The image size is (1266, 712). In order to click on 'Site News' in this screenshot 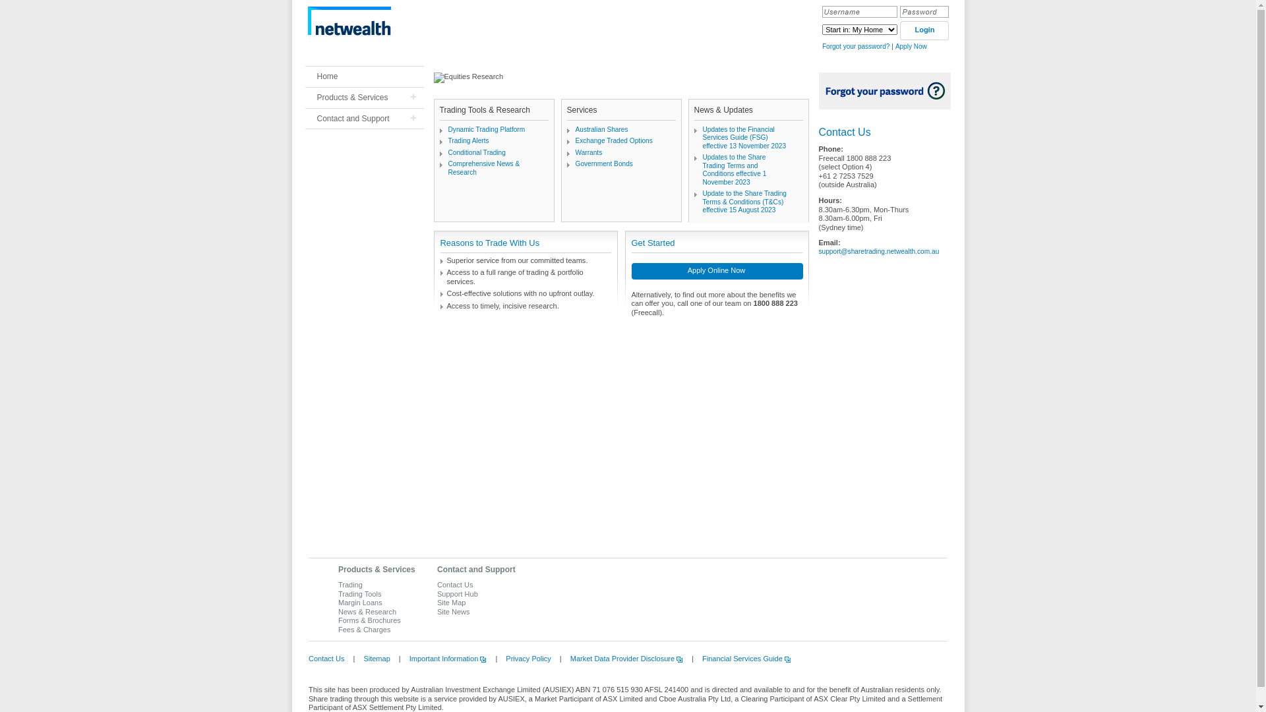, I will do `click(453, 612)`.